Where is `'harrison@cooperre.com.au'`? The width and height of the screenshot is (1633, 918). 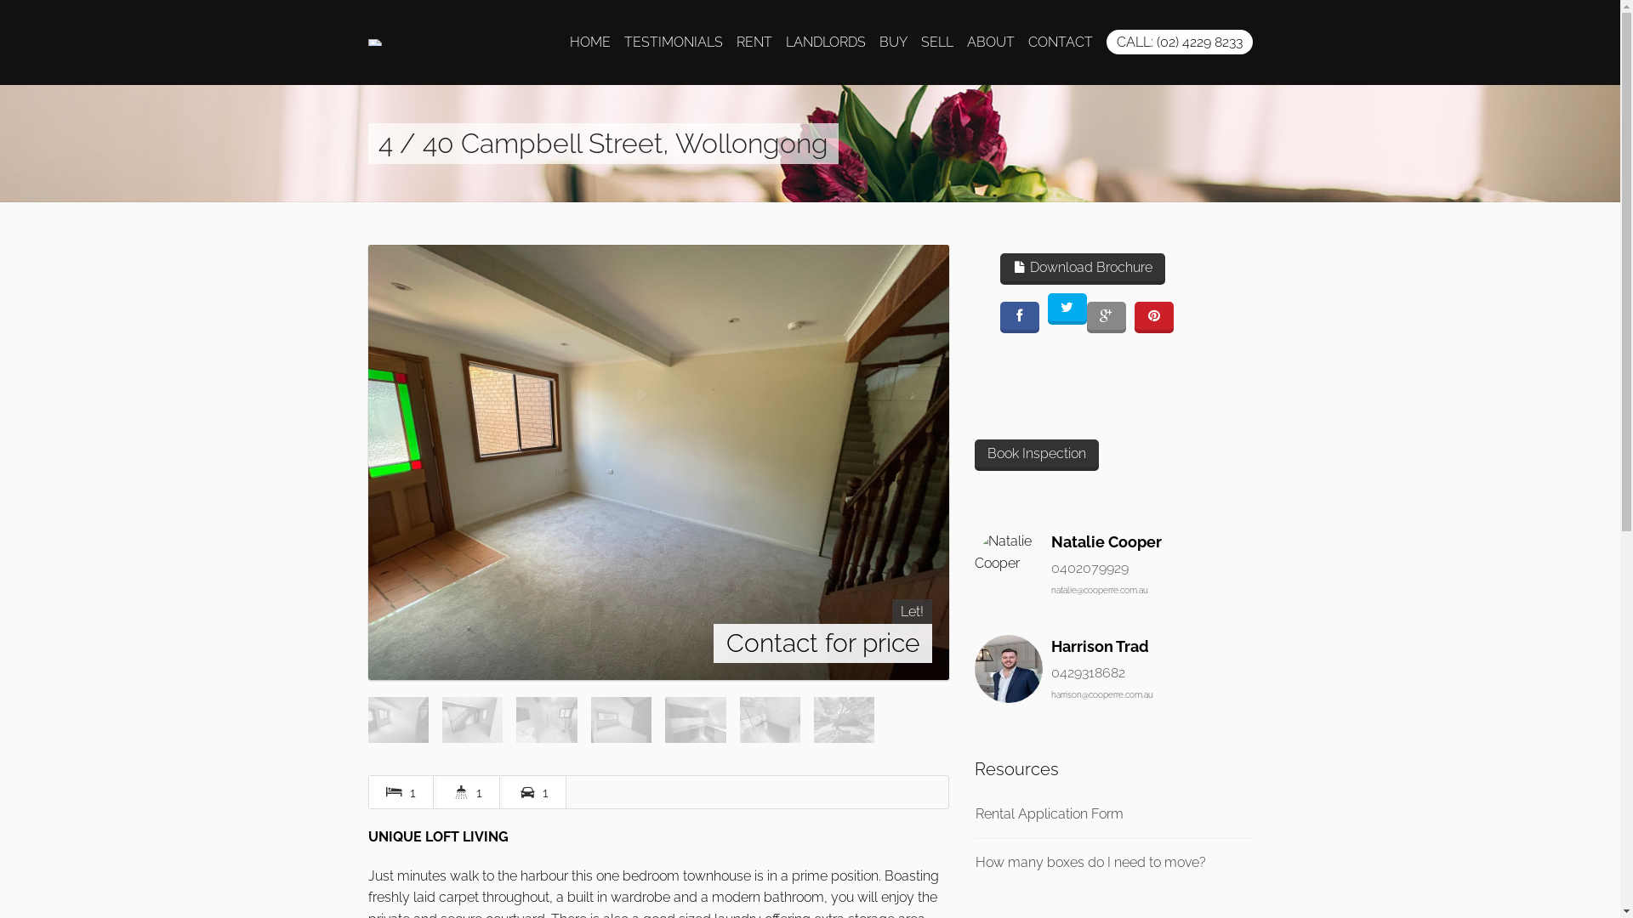 'harrison@cooperre.com.au' is located at coordinates (1102, 694).